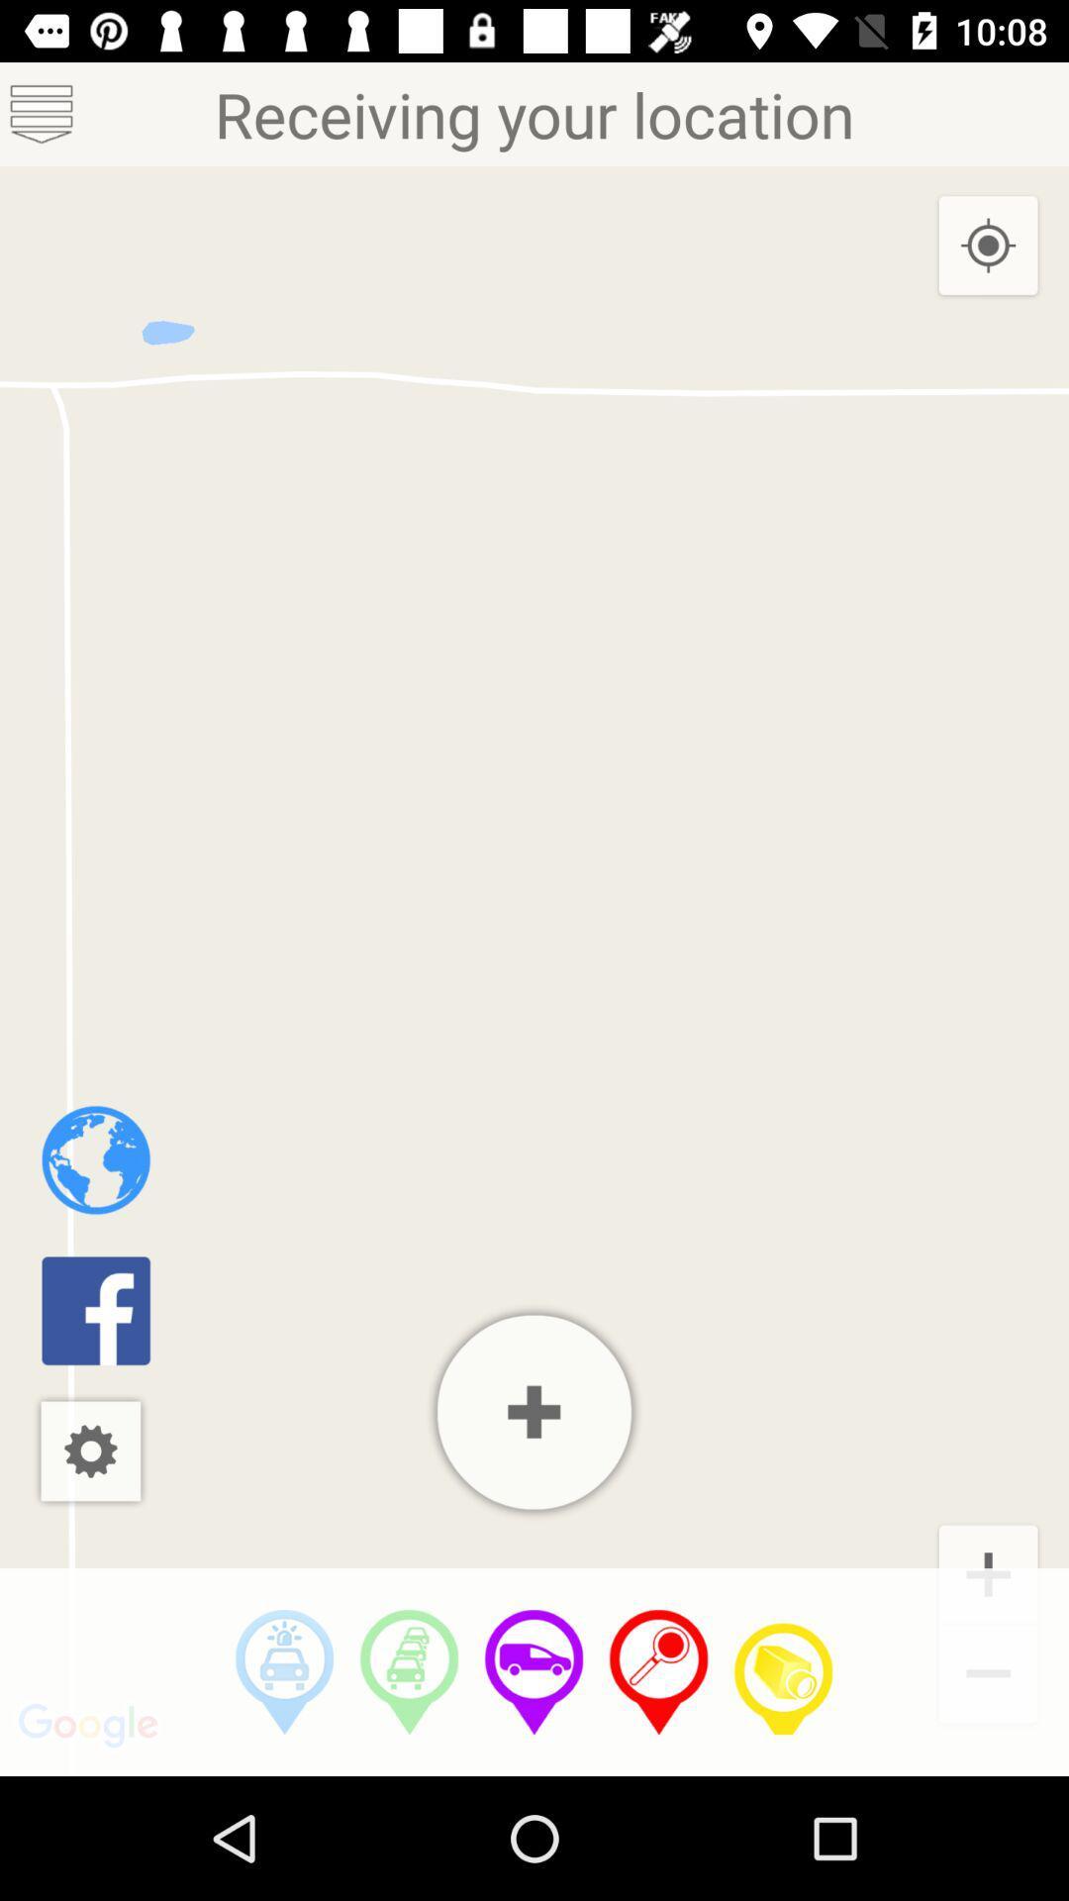 This screenshot has height=1901, width=1069. What do you see at coordinates (90, 1451) in the screenshot?
I see `the settings icon` at bounding box center [90, 1451].